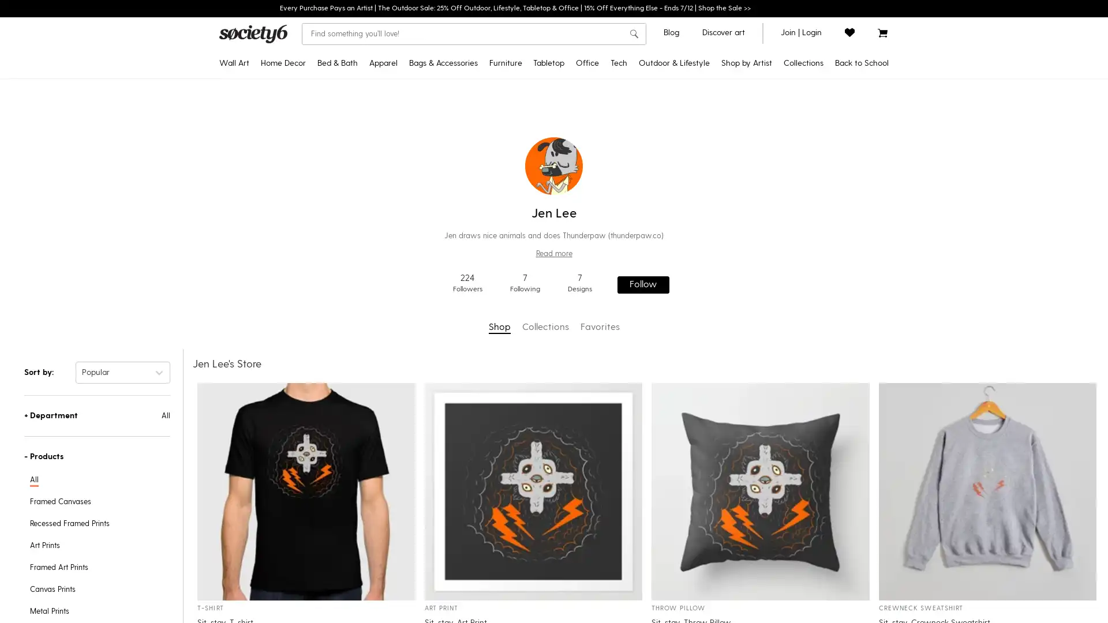  I want to click on Duvet Covers, so click(362, 111).